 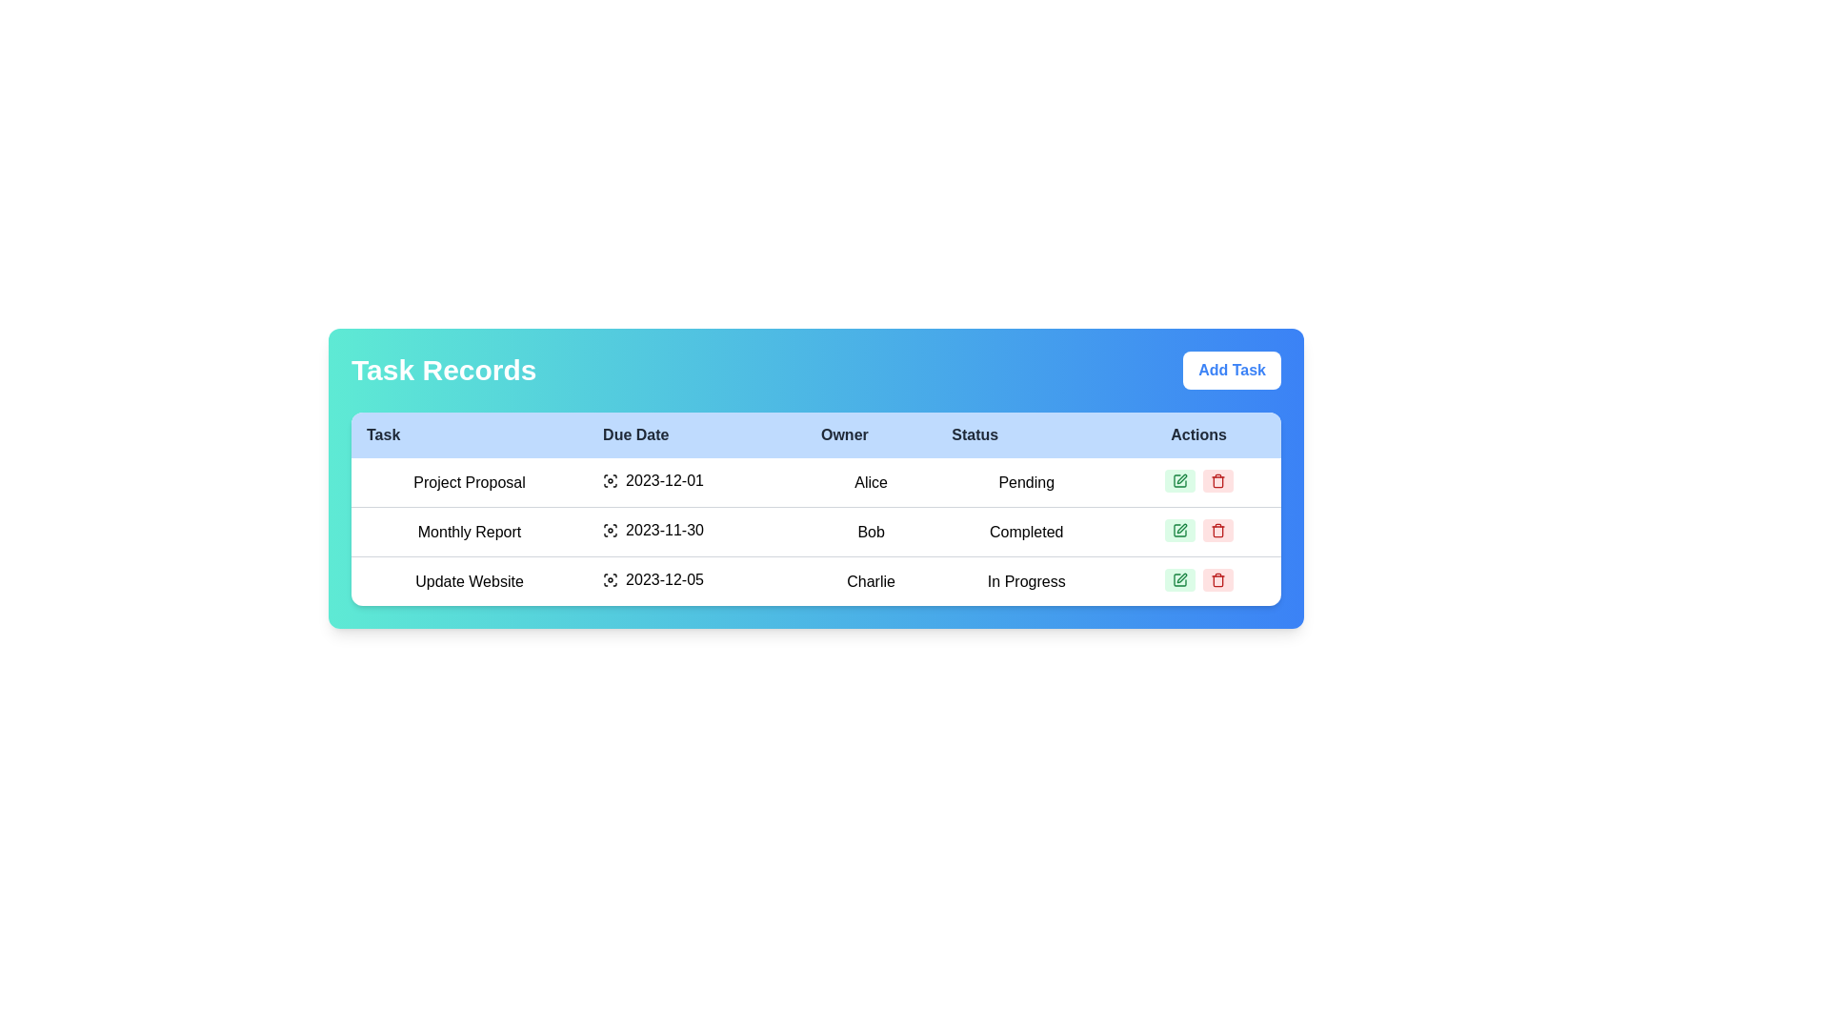 What do you see at coordinates (1197, 434) in the screenshot?
I see `the text label that displays the word 'Actions', which is styled with a bold font and centered alignment inside a light blue header bar, located in the last column of the header row within a table, to the right of the 'Status' column header` at bounding box center [1197, 434].